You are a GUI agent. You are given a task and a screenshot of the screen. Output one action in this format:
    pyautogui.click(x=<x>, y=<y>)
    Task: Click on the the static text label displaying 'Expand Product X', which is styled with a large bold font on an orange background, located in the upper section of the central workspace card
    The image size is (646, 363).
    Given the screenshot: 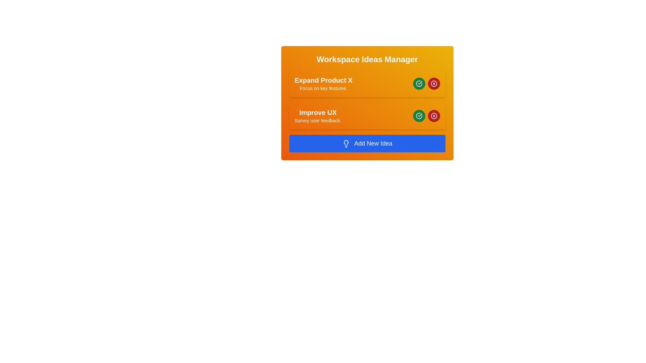 What is the action you would take?
    pyautogui.click(x=323, y=80)
    